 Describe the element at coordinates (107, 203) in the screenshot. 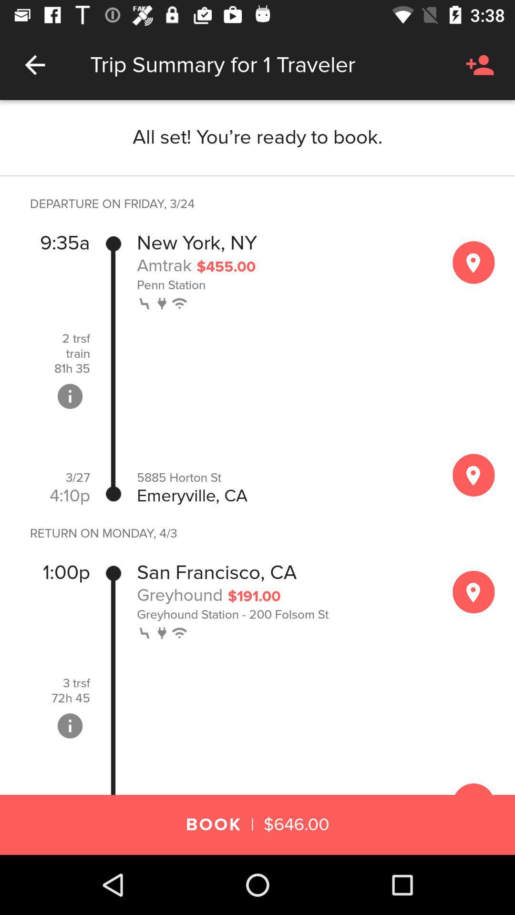

I see `the departure on friday item` at that location.